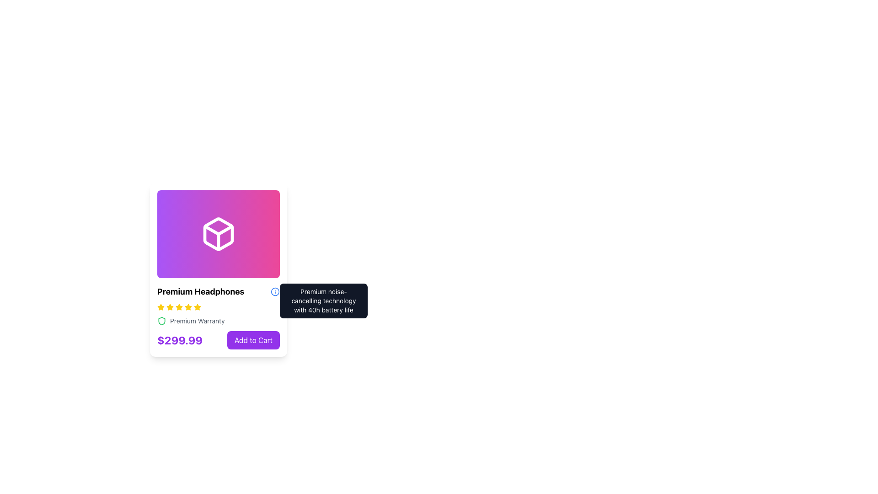  I want to click on the fourth star icon in the rating system, which is a small yellow star located near the bottom-left corner of the product card, so click(179, 307).